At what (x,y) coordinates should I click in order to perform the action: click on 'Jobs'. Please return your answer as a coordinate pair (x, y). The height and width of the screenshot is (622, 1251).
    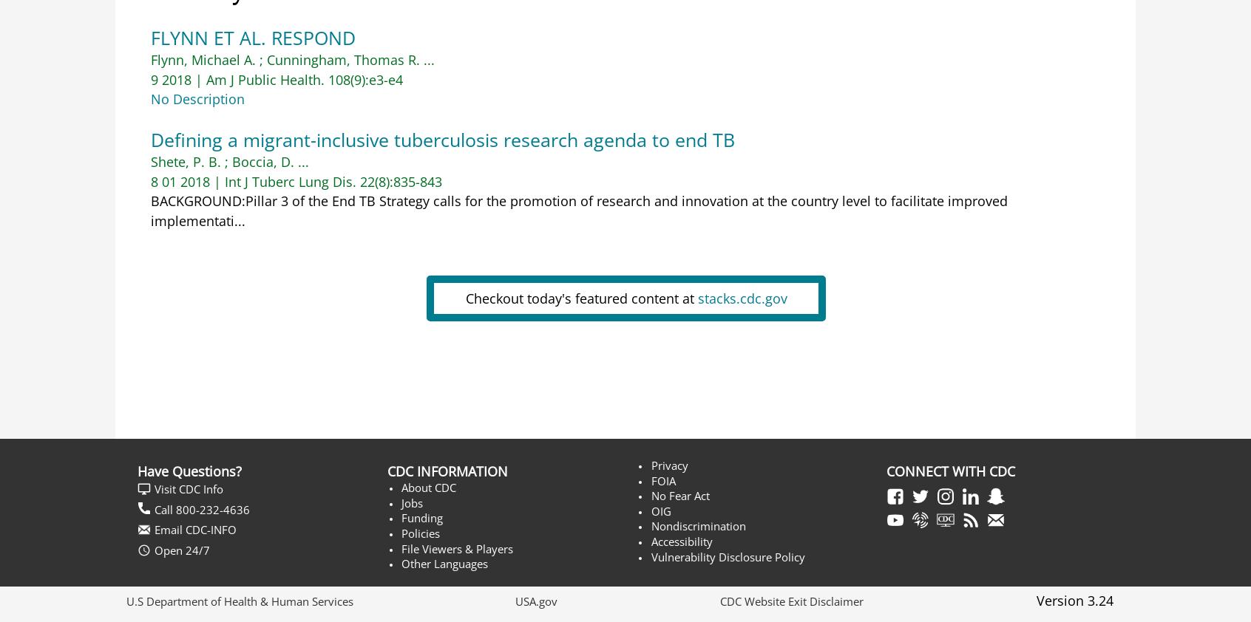
    Looking at the image, I should click on (412, 502).